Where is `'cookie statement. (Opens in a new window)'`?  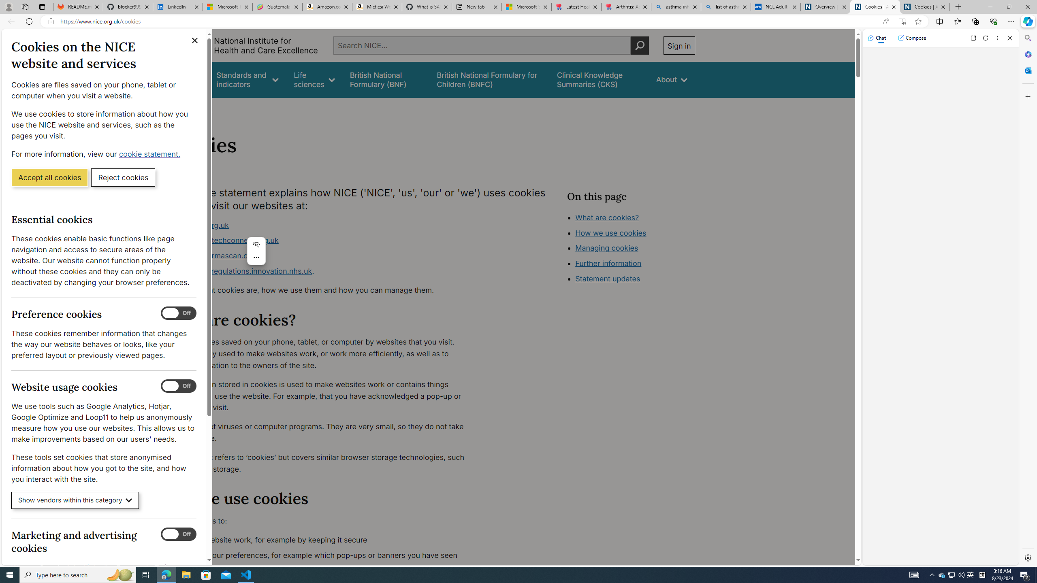 'cookie statement. (Opens in a new window)' is located at coordinates (150, 153).